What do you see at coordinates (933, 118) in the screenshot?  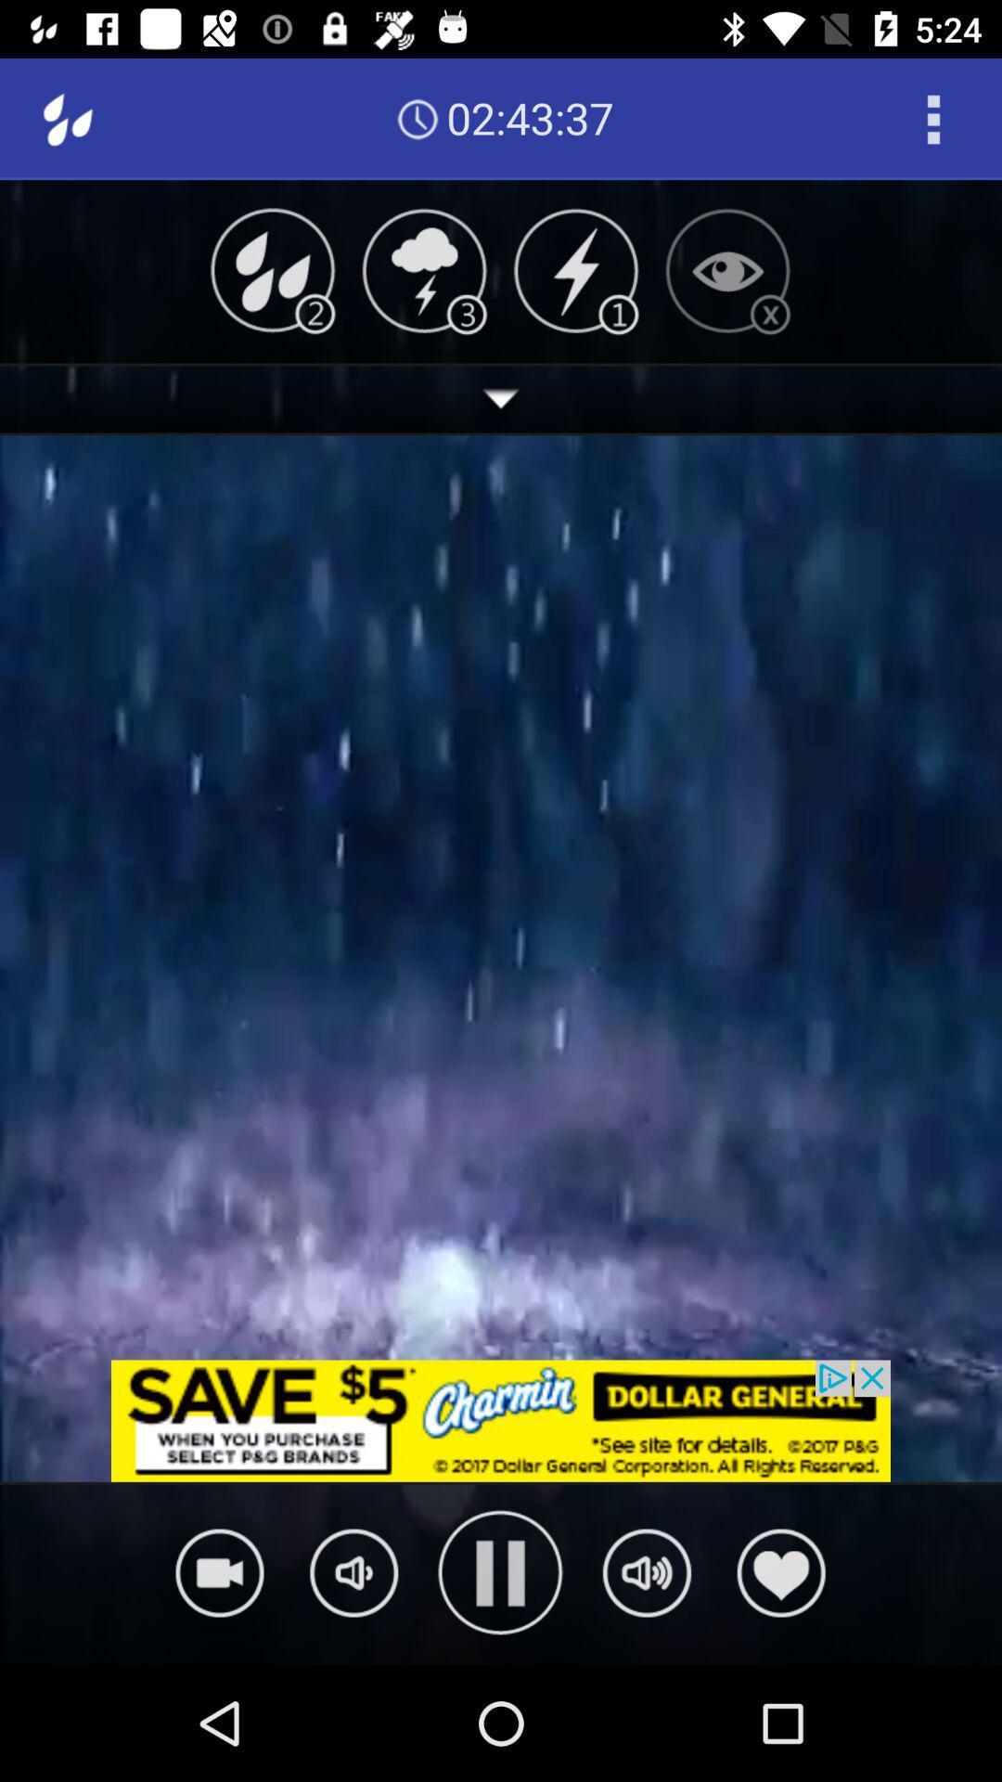 I see `the more icon` at bounding box center [933, 118].